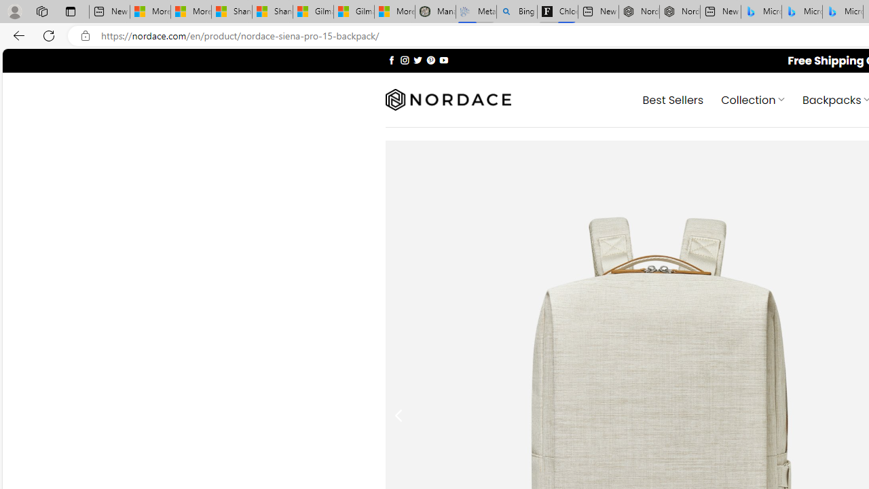 This screenshot has height=489, width=869. I want to click on 'Gilma and Hector both pose tropical trouble for Hawaii', so click(354, 12).